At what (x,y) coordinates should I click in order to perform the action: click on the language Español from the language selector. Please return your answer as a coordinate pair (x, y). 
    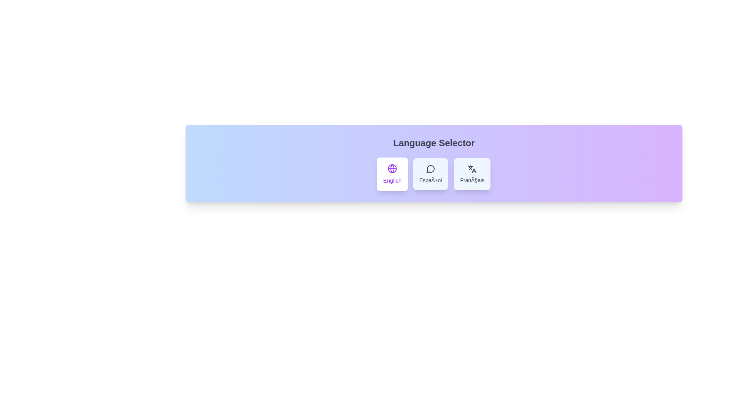
    Looking at the image, I should click on (430, 174).